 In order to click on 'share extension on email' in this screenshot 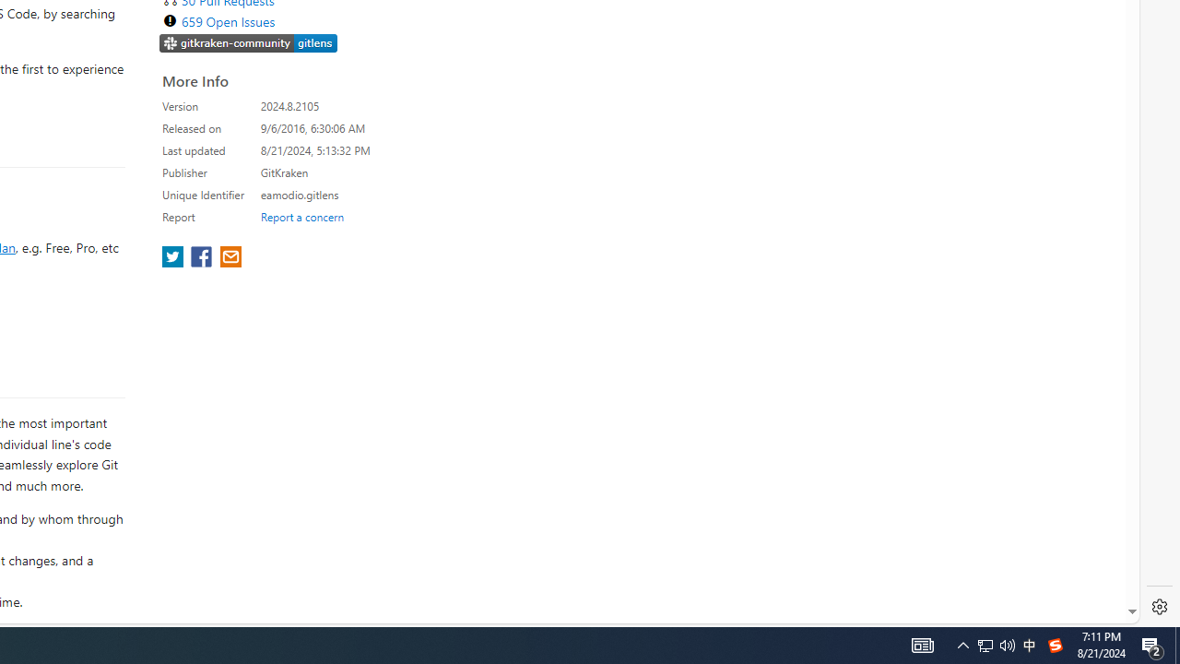, I will do `click(229, 258)`.